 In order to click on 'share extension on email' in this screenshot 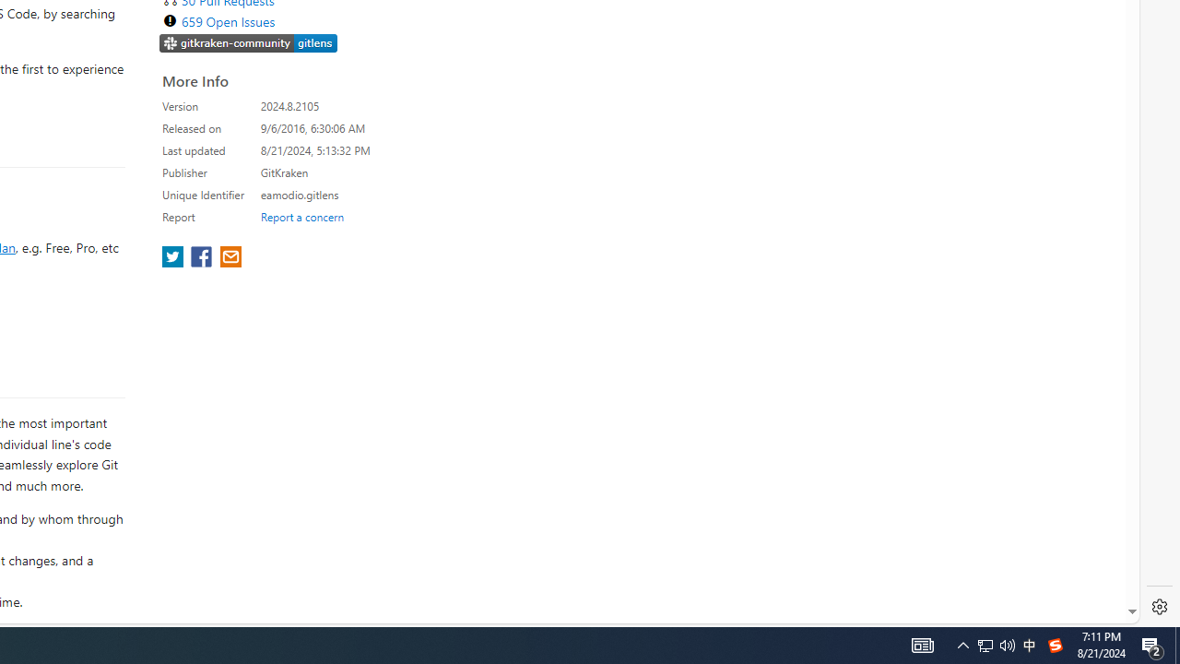, I will do `click(229, 258)`.